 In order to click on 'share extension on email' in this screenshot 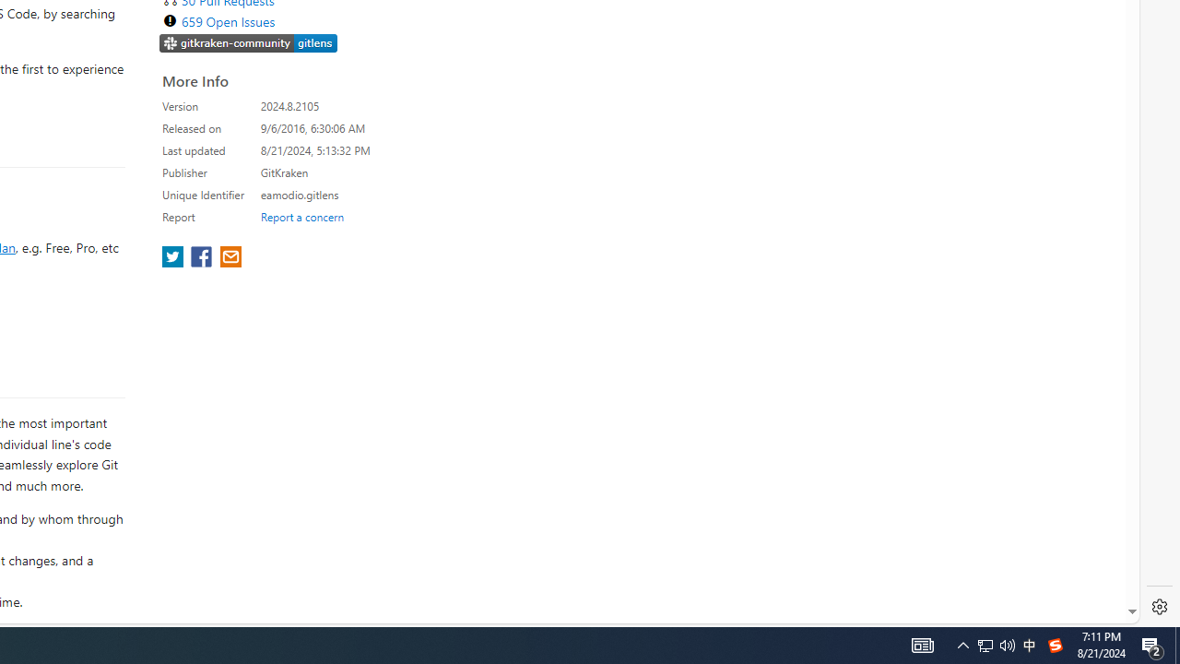, I will do `click(229, 258)`.